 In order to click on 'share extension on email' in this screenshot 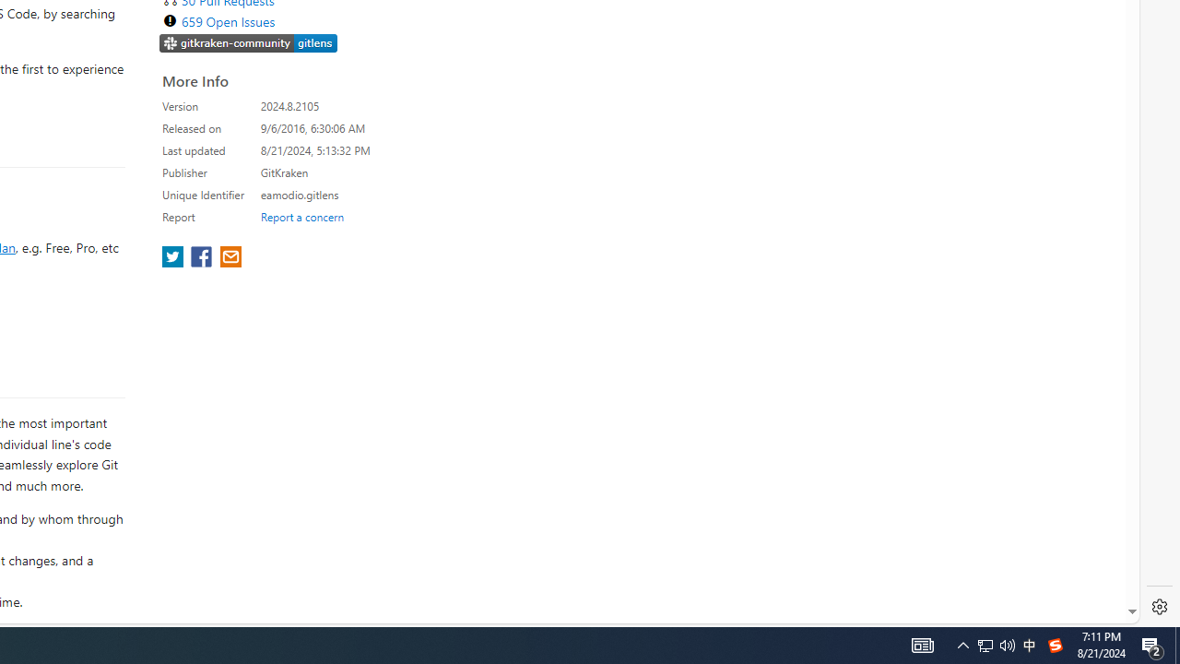, I will do `click(229, 258)`.